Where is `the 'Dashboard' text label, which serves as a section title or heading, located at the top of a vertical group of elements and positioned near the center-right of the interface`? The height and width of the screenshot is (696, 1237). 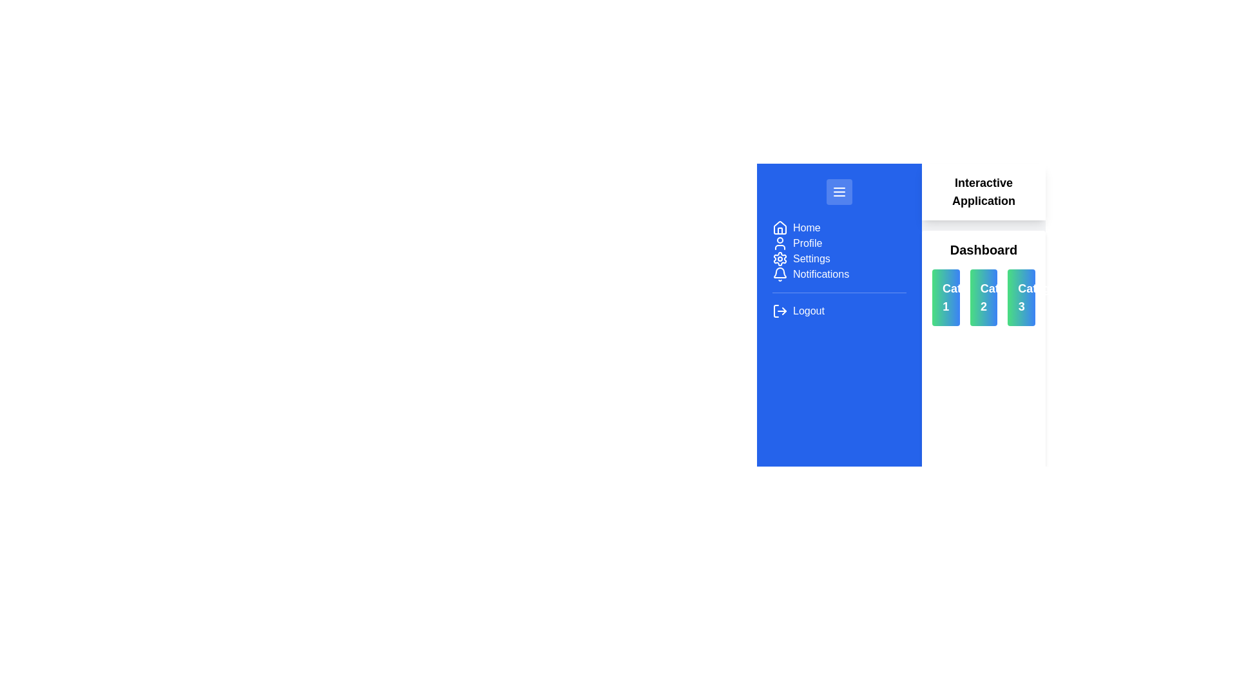
the 'Dashboard' text label, which serves as a section title or heading, located at the top of a vertical group of elements and positioned near the center-right of the interface is located at coordinates (983, 250).